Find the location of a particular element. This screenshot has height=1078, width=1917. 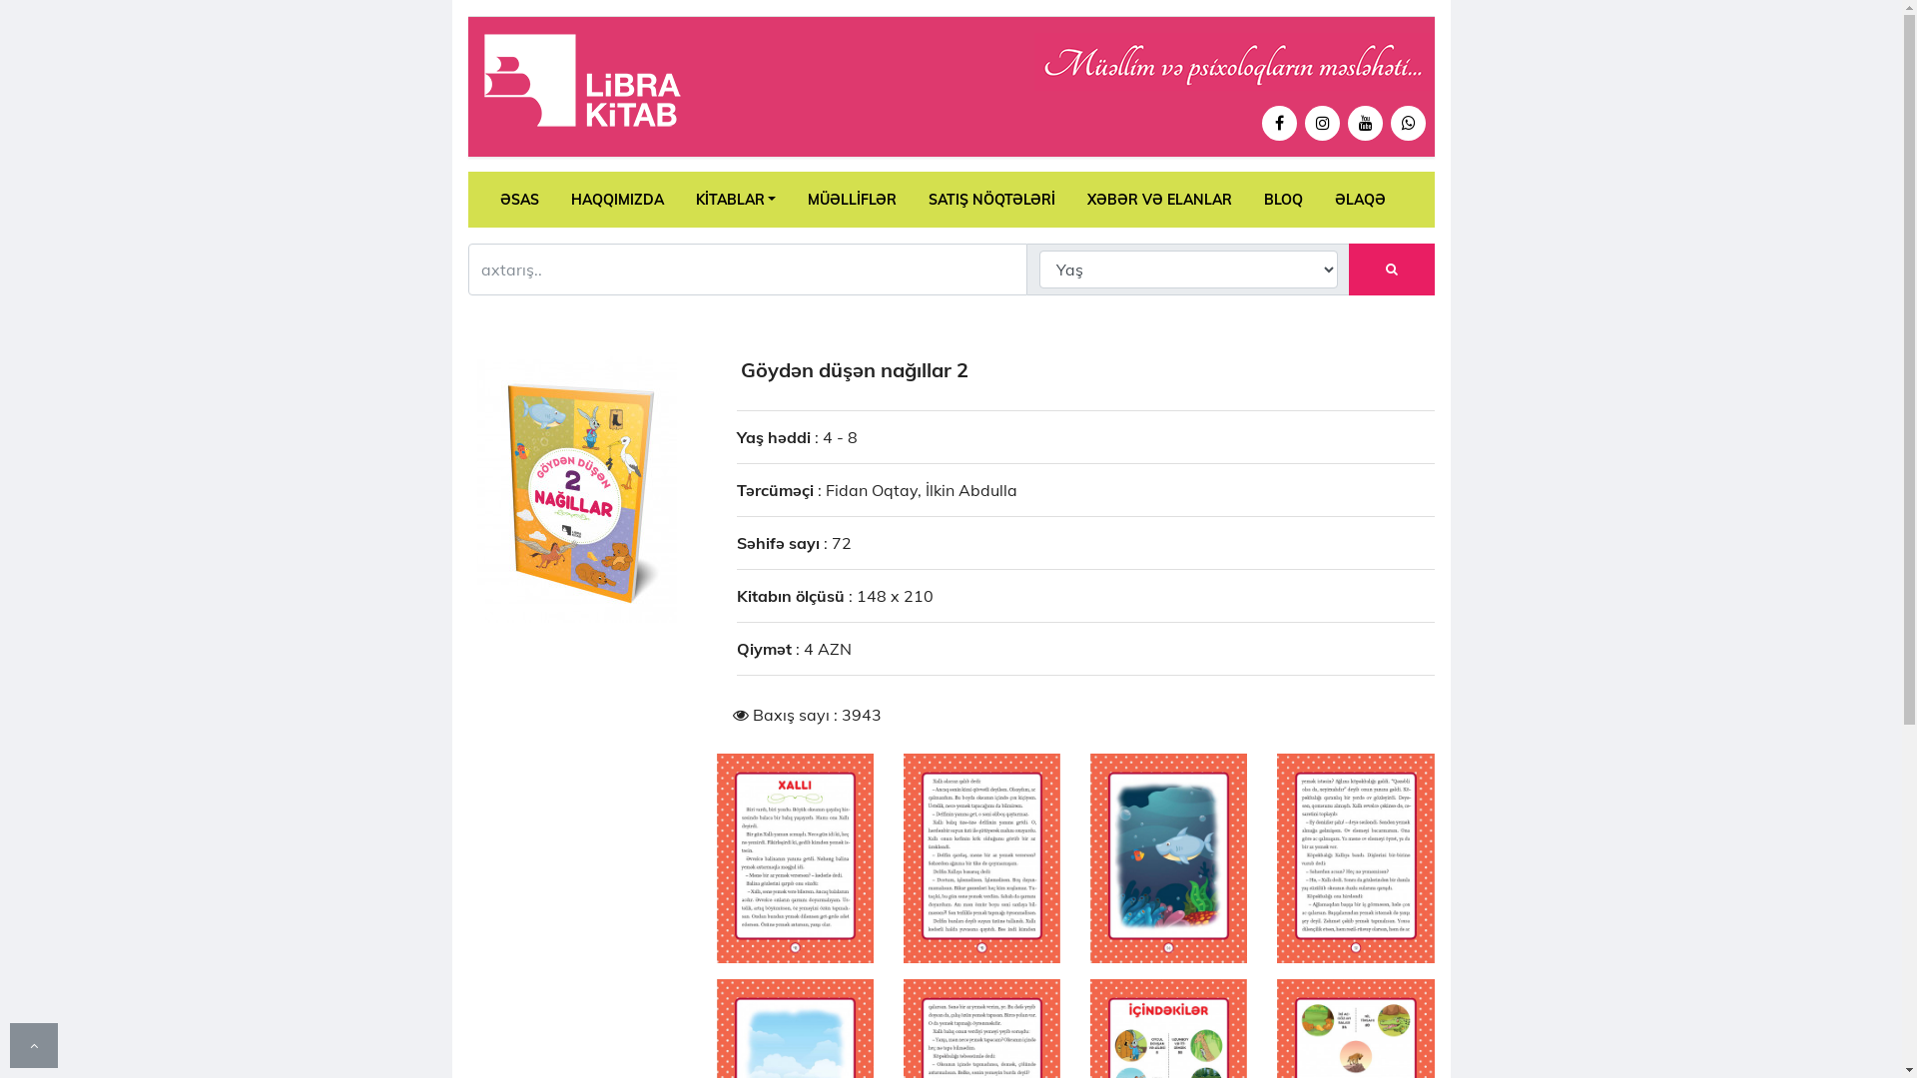

'Back to Top' is located at coordinates (33, 1043).